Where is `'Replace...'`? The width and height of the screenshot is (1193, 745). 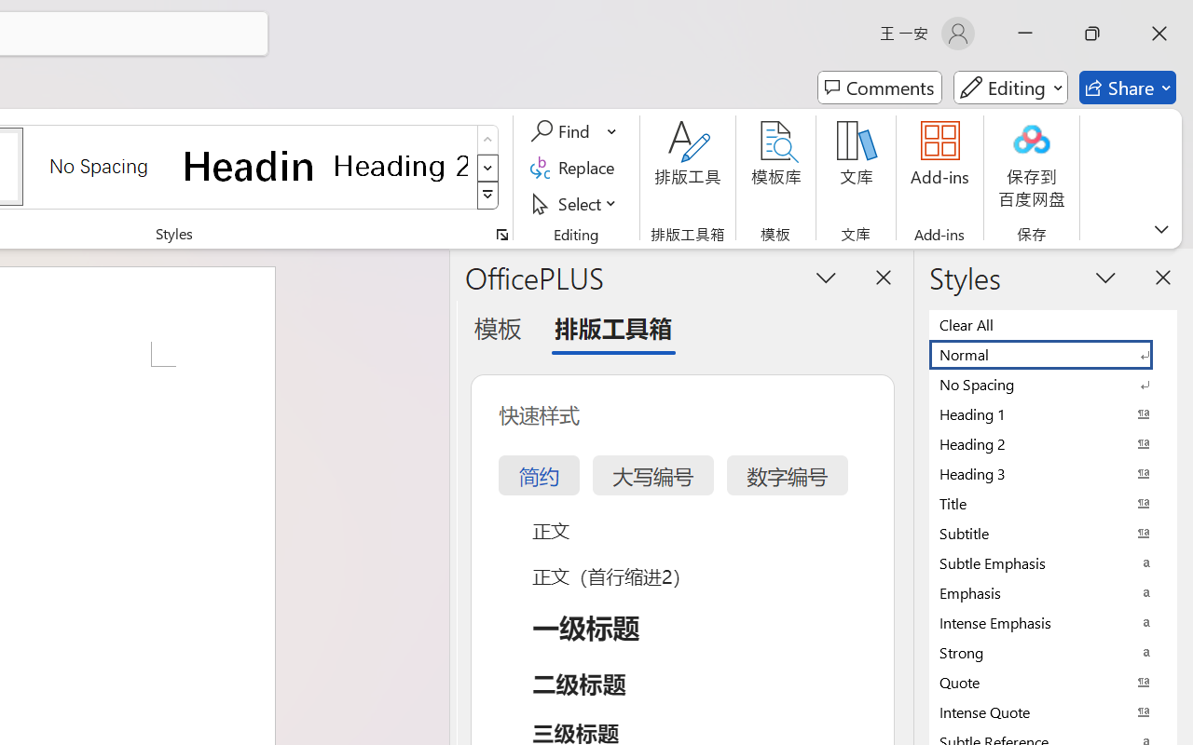
'Replace...' is located at coordinates (574, 167).